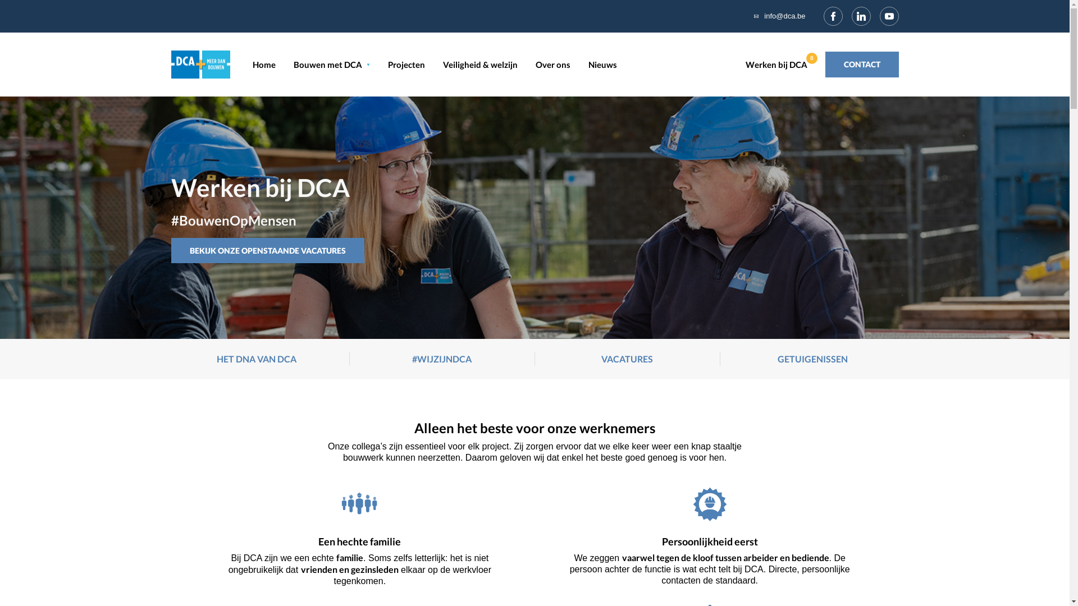 Image resolution: width=1078 pixels, height=606 pixels. What do you see at coordinates (778, 65) in the screenshot?
I see `'Werken bij DCA` at bounding box center [778, 65].